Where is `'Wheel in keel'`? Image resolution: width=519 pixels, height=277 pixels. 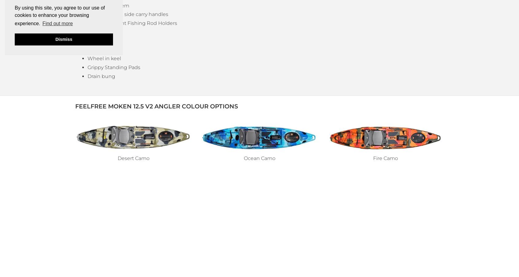
'Wheel in keel' is located at coordinates (104, 58).